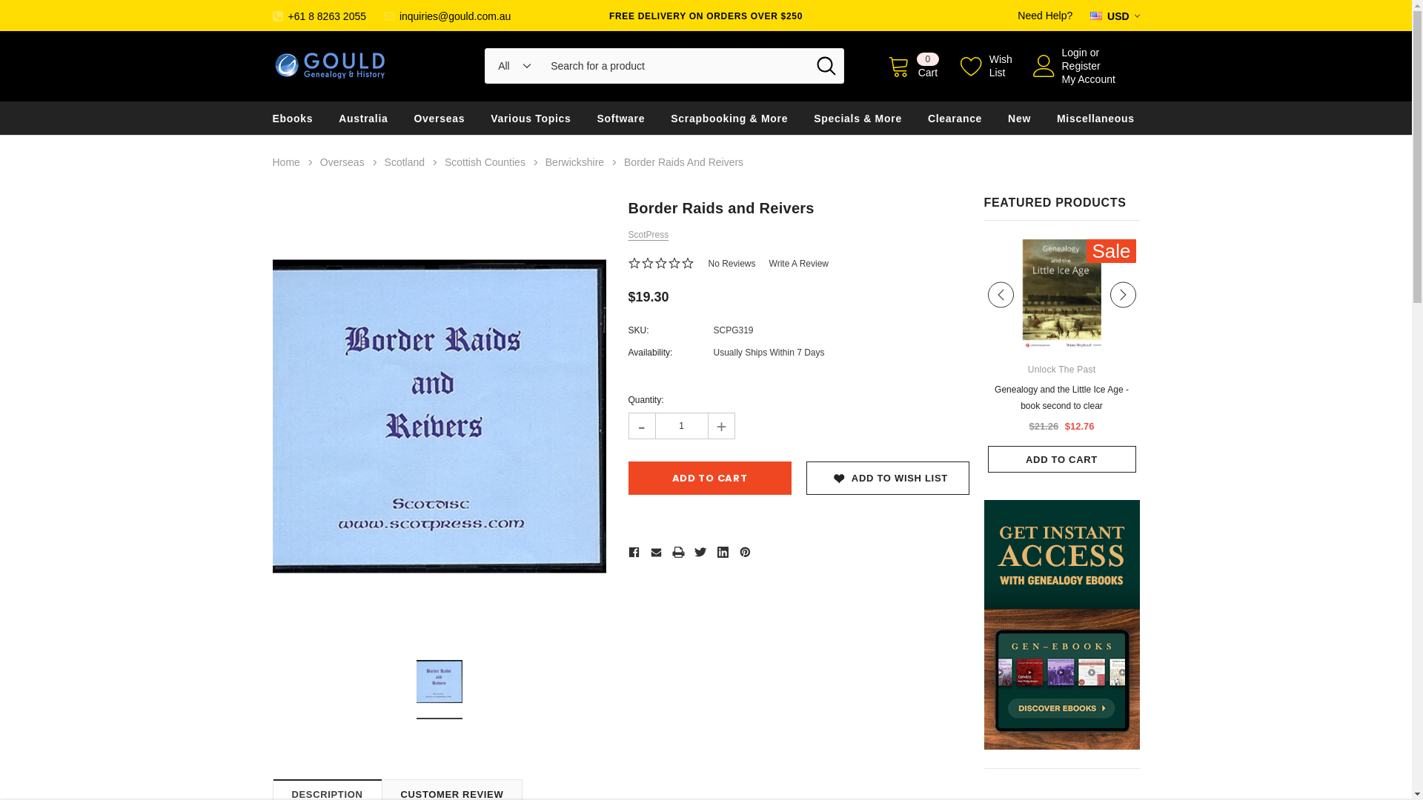  I want to click on '0, so click(888, 64).